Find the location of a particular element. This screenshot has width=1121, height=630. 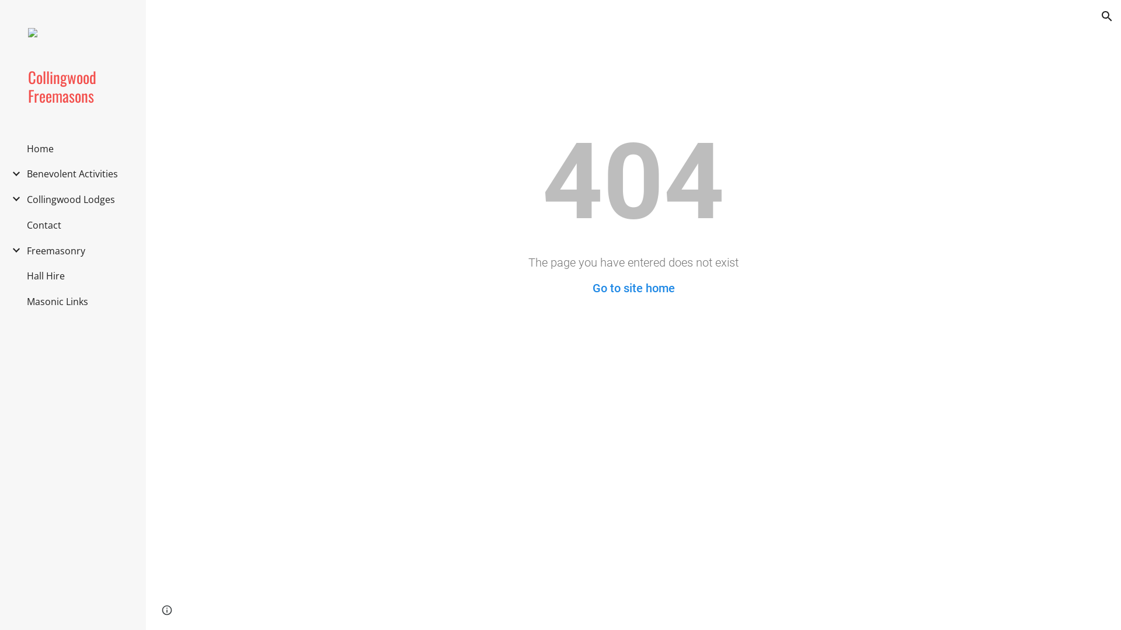

'Expand/Collapse' is located at coordinates (13, 198).